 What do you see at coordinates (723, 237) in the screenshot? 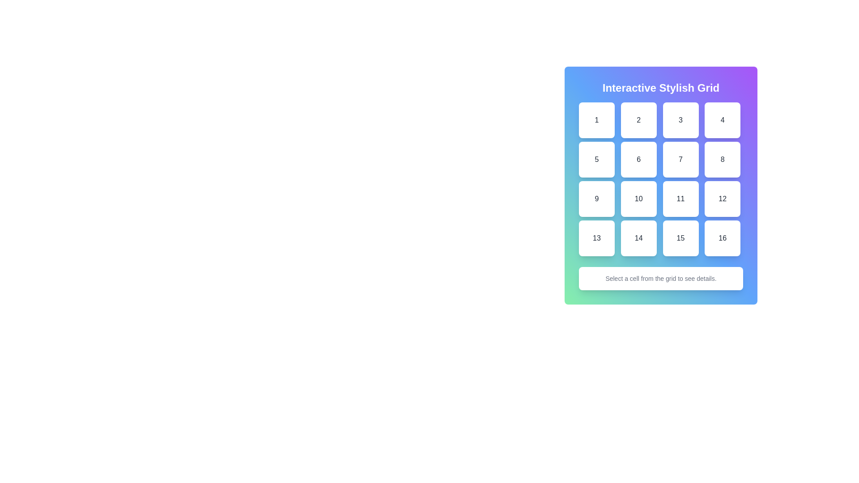
I see `the button element that is square-shaped with a white background and contains the number '16' in bold dark-gray font, located in the fourth column and fourth row of a 4x4 grid layout` at bounding box center [723, 237].